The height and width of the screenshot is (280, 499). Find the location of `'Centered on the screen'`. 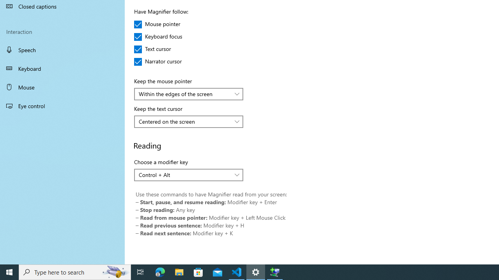

'Centered on the screen' is located at coordinates (184, 121).